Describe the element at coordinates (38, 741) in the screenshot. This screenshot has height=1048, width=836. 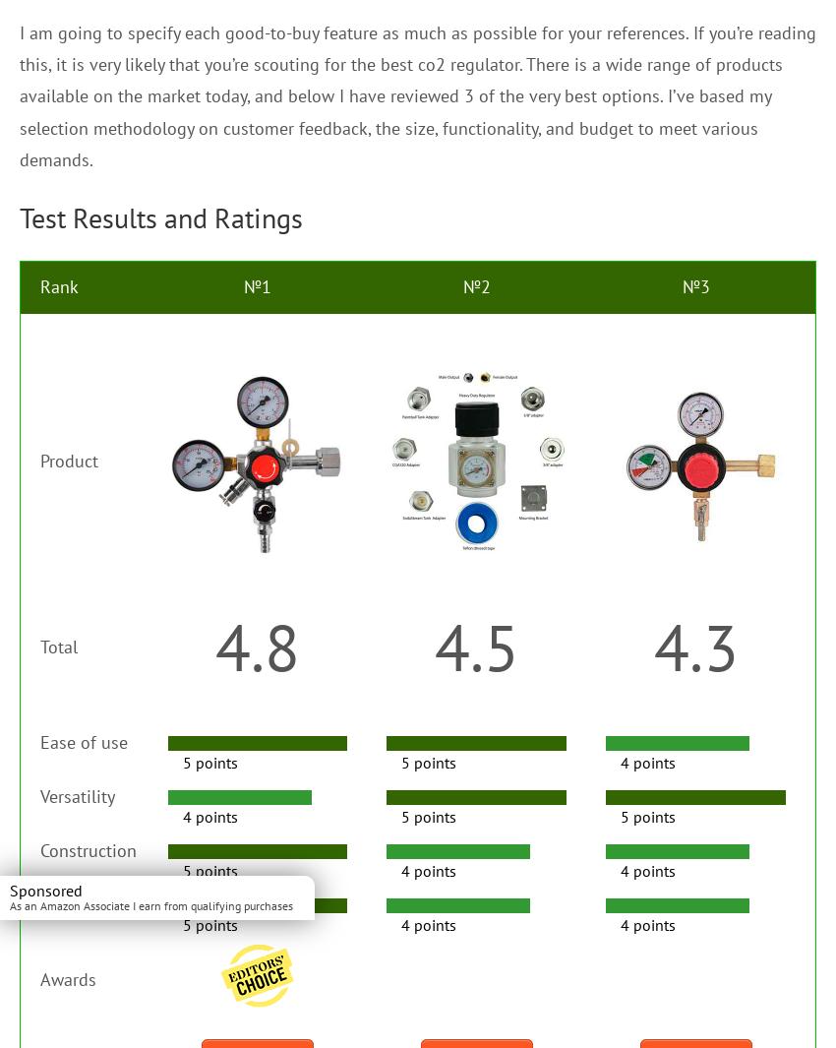
I see `'Ease of use'` at that location.